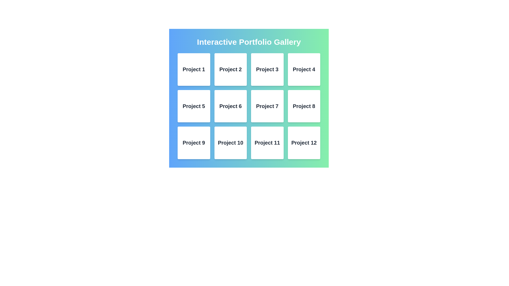 The height and width of the screenshot is (286, 509). What do you see at coordinates (274, 106) in the screenshot?
I see `the circular button with a light gray background and a blue share icon in the top-right corner of the 'Project 7' card` at bounding box center [274, 106].